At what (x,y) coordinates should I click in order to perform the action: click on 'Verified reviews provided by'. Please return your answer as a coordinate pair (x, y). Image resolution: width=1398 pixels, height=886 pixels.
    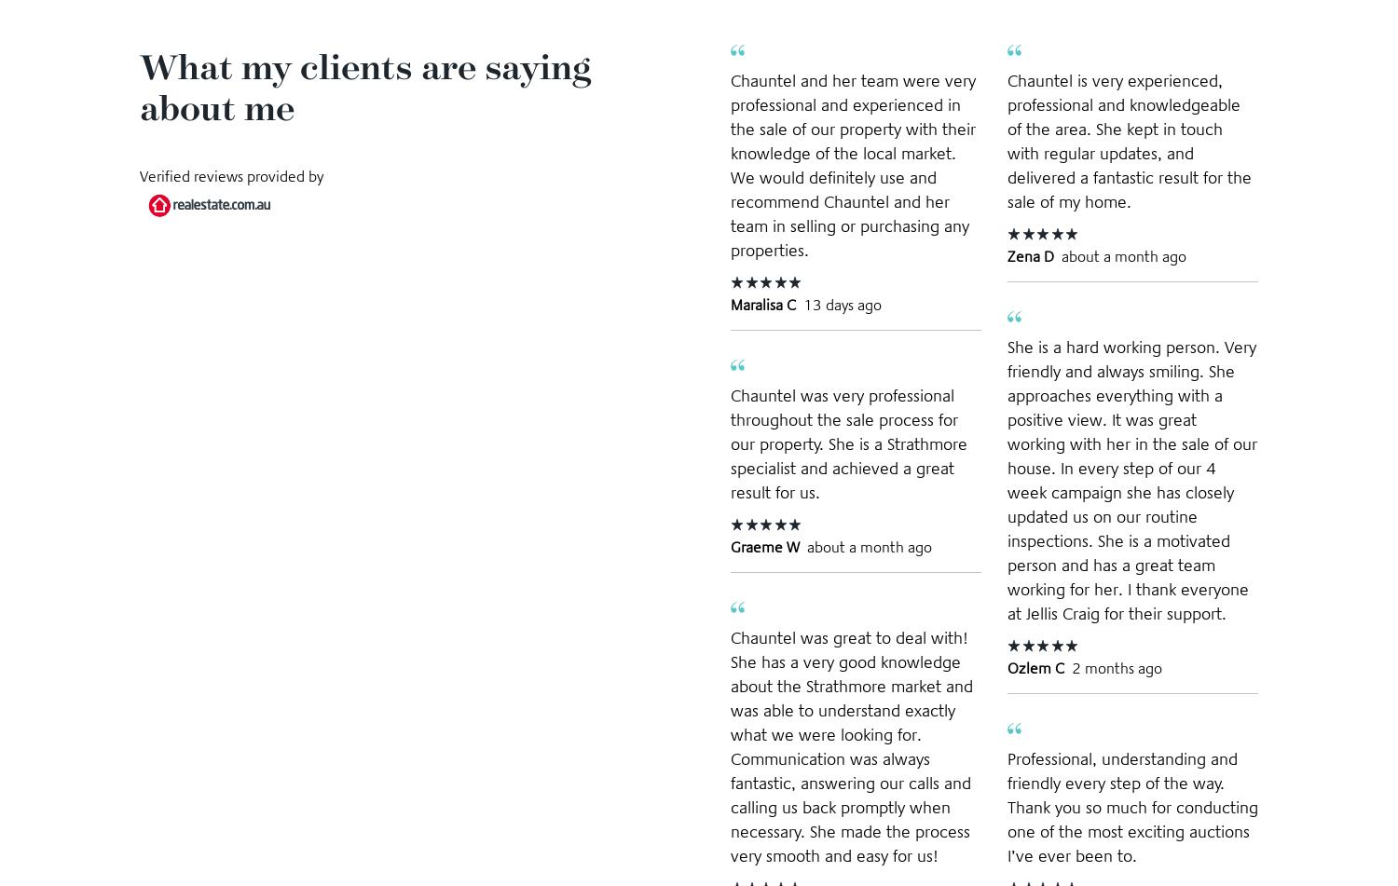
    Looking at the image, I should click on (230, 175).